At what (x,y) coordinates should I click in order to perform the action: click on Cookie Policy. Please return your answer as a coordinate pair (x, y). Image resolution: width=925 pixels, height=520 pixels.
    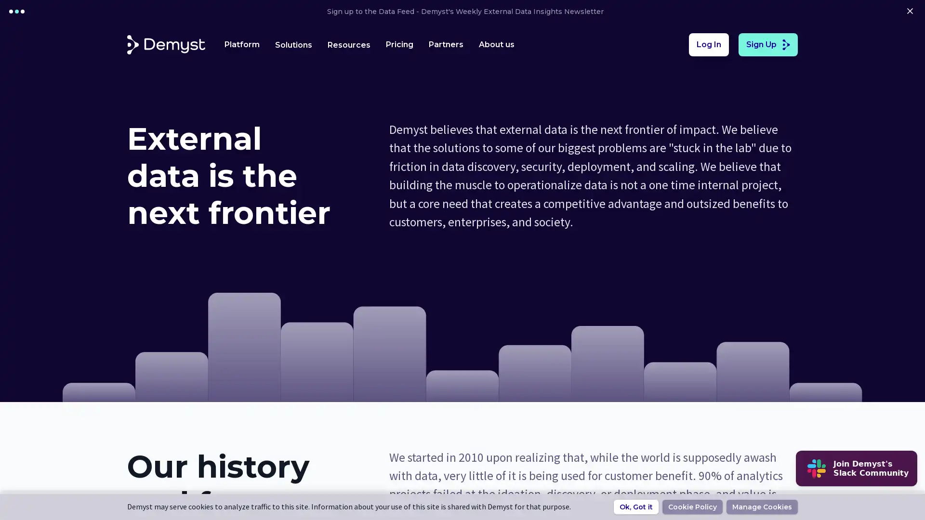
    Looking at the image, I should click on (692, 507).